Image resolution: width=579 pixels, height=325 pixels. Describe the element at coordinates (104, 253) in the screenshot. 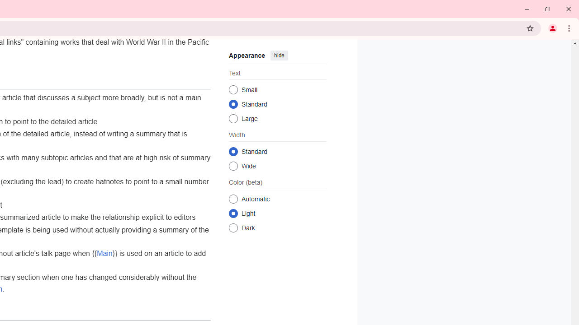

I see `'Main'` at that location.